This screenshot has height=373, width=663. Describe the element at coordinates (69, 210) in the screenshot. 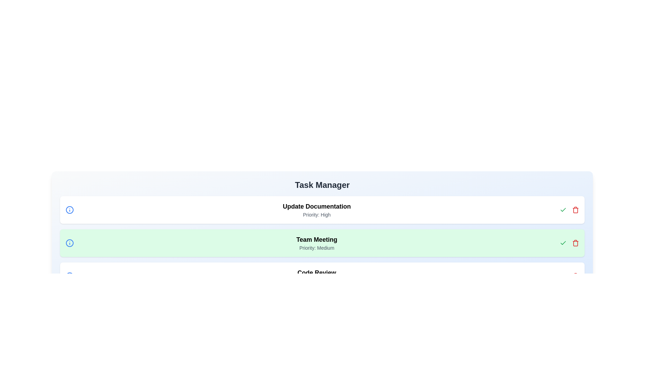

I see `the information icon of the task with priority High` at that location.